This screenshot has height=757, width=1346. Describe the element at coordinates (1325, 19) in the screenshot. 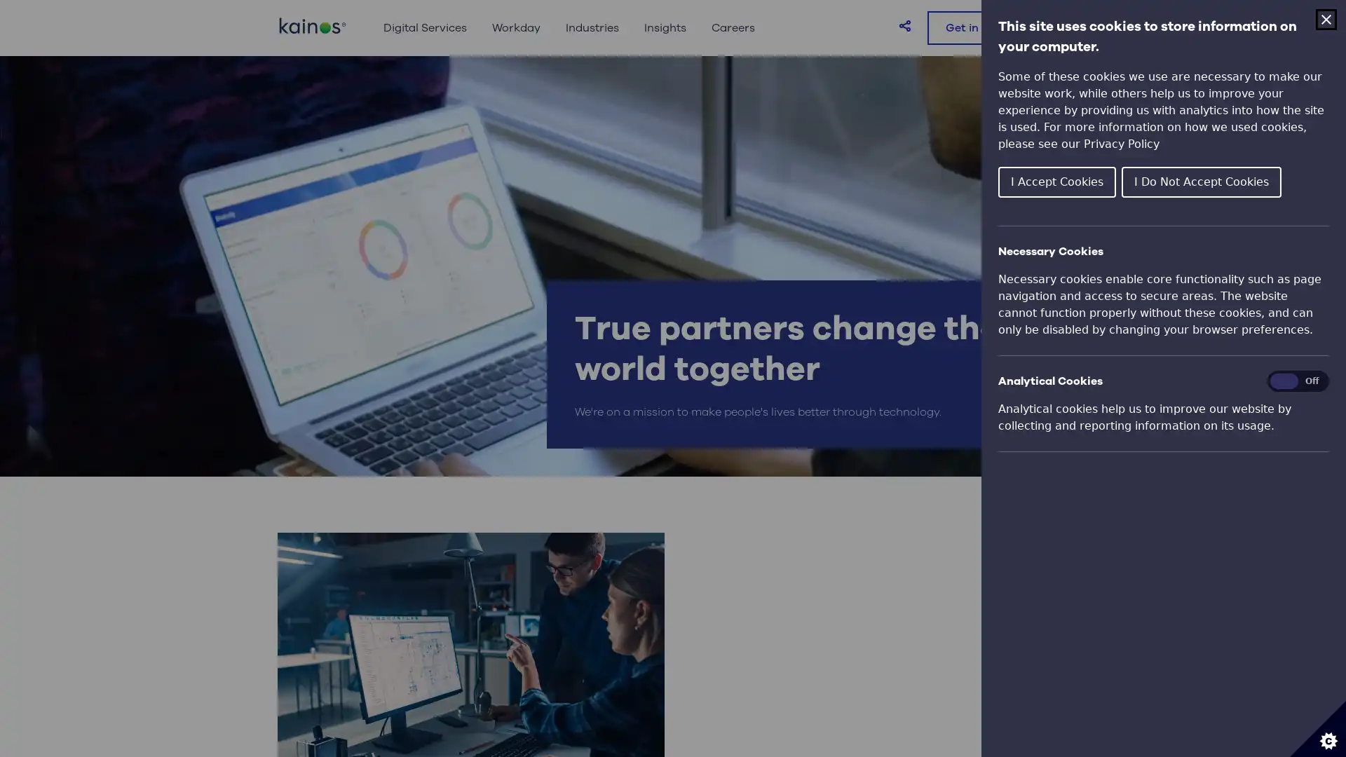

I see `Close Cookie Control` at that location.